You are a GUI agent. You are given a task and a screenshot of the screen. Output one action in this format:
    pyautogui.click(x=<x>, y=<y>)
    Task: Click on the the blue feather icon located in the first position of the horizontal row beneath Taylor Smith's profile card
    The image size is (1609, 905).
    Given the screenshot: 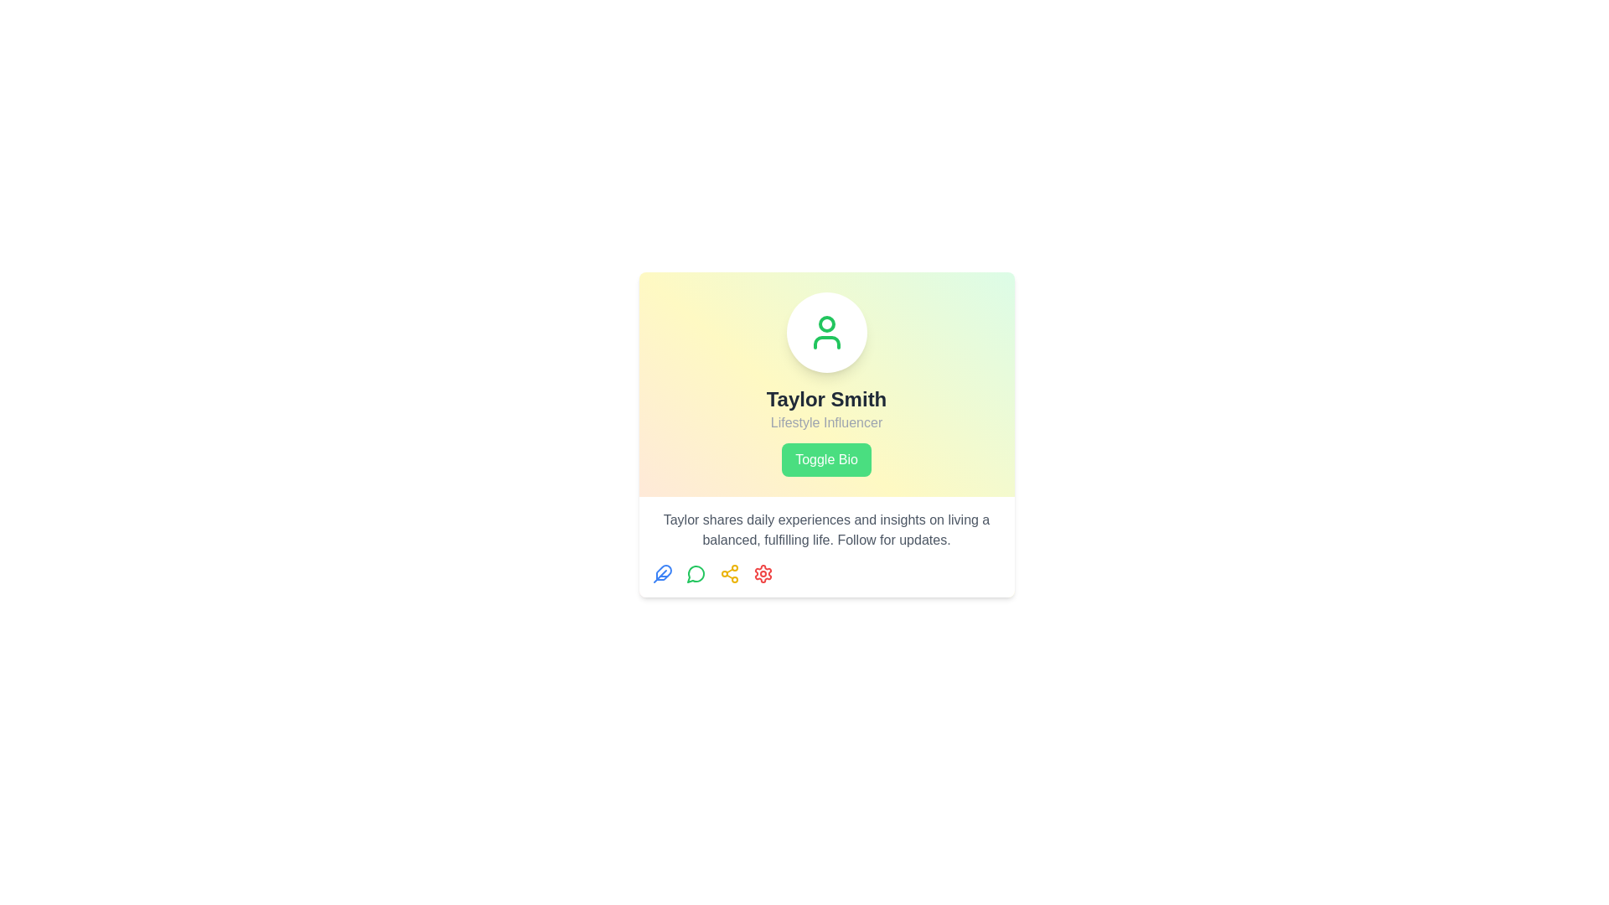 What is the action you would take?
    pyautogui.click(x=661, y=573)
    